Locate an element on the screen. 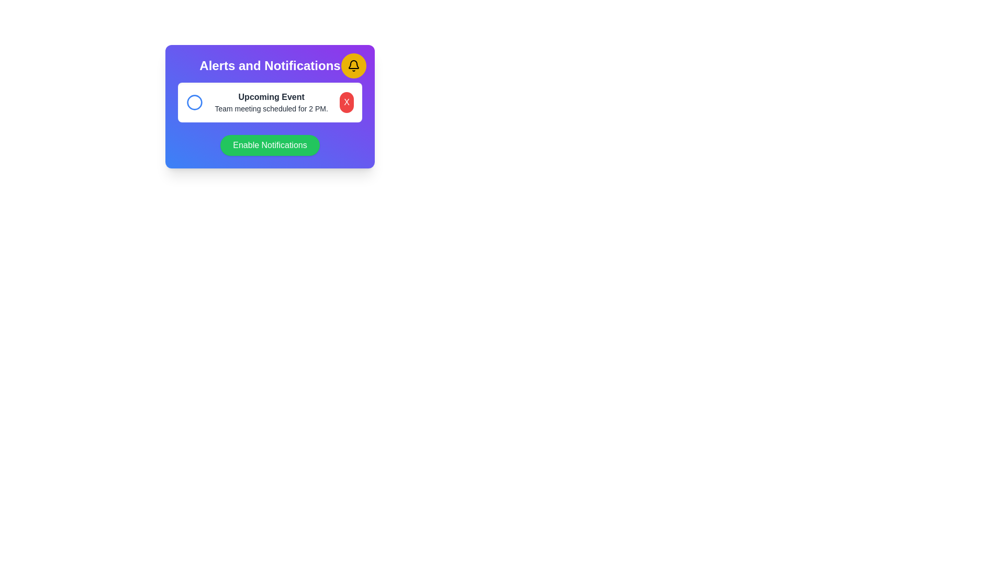 The image size is (1005, 565). the notification icon located in the top-right corner of the purple 'Alerts and Notifications' card, which is enclosed within a yellow circular background is located at coordinates (354, 66).